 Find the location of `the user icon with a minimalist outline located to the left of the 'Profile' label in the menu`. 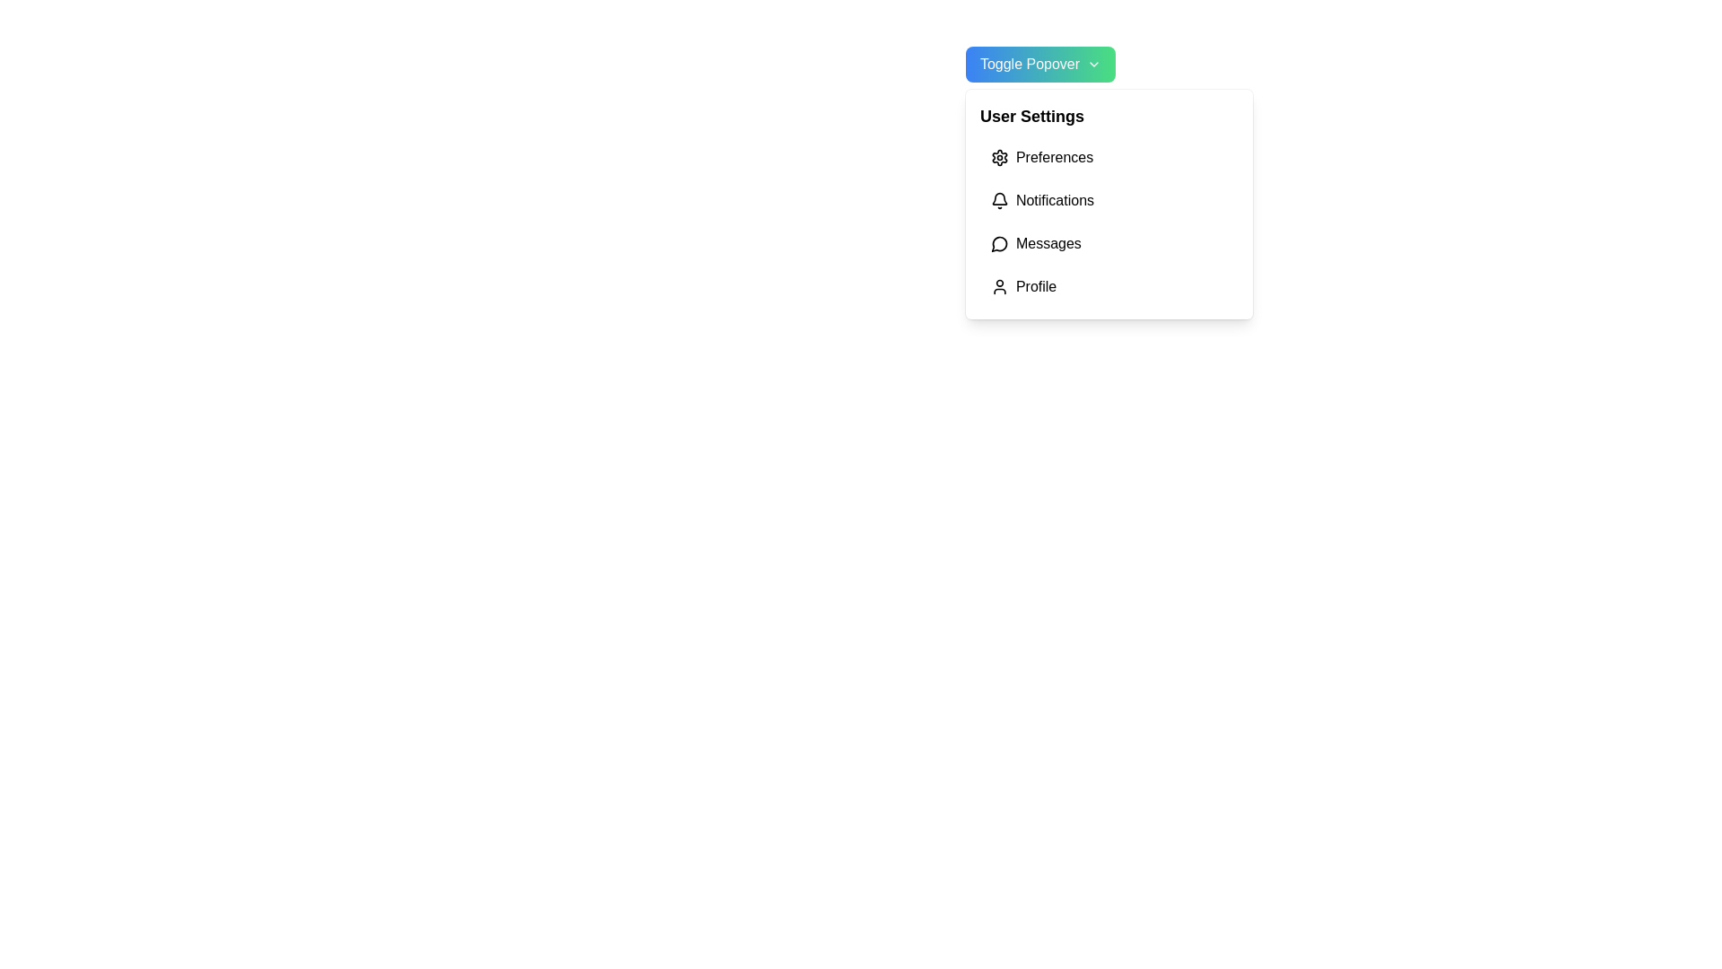

the user icon with a minimalist outline located to the left of the 'Profile' label in the menu is located at coordinates (998, 286).